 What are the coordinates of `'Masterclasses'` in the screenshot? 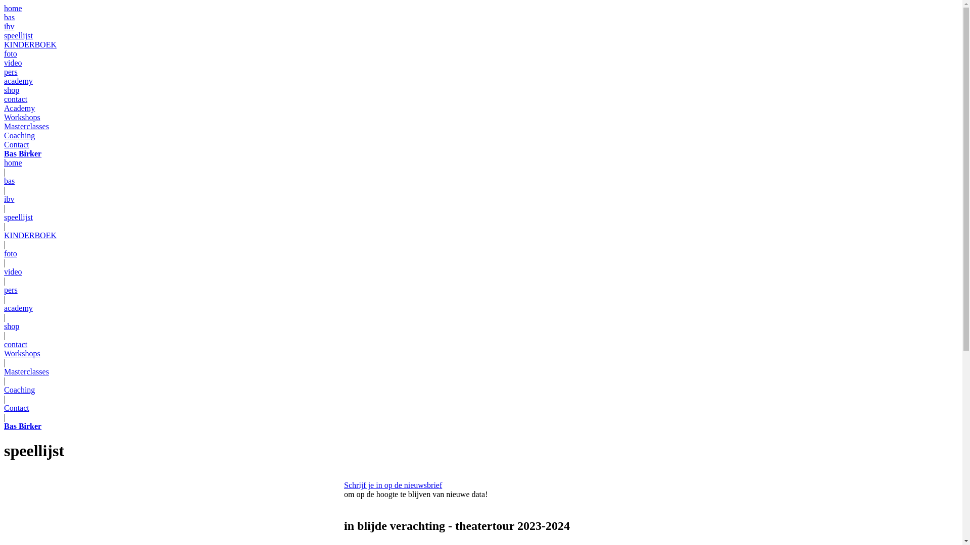 It's located at (26, 126).